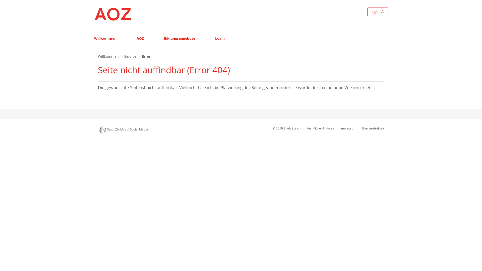 The height and width of the screenshot is (271, 482). What do you see at coordinates (179, 37) in the screenshot?
I see `'Bildungsangebote'` at bounding box center [179, 37].